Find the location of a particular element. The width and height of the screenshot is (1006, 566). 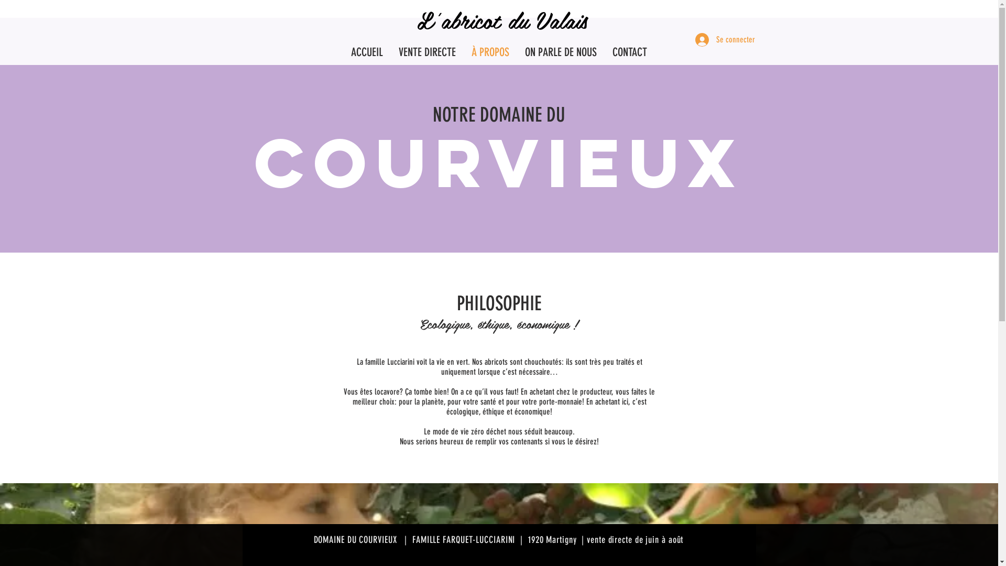

'Se connecter' is located at coordinates (718, 39).